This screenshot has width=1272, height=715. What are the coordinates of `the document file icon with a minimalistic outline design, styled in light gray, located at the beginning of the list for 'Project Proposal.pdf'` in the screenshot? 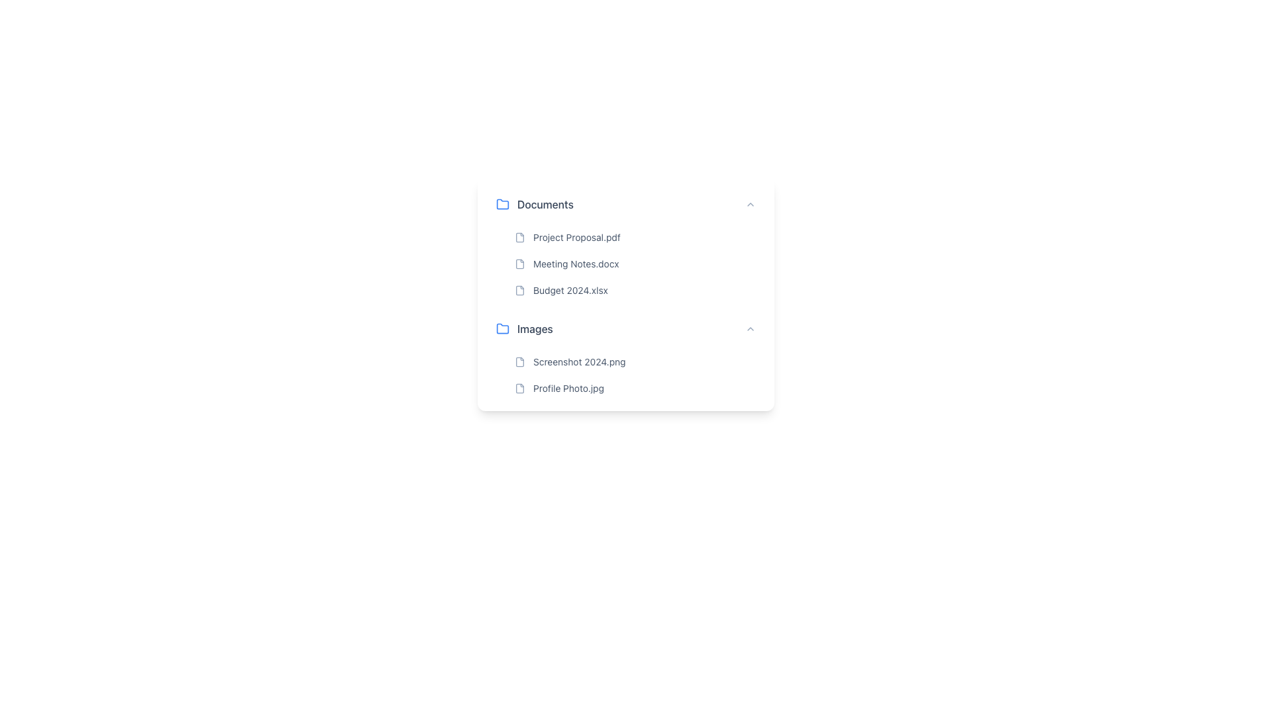 It's located at (519, 236).